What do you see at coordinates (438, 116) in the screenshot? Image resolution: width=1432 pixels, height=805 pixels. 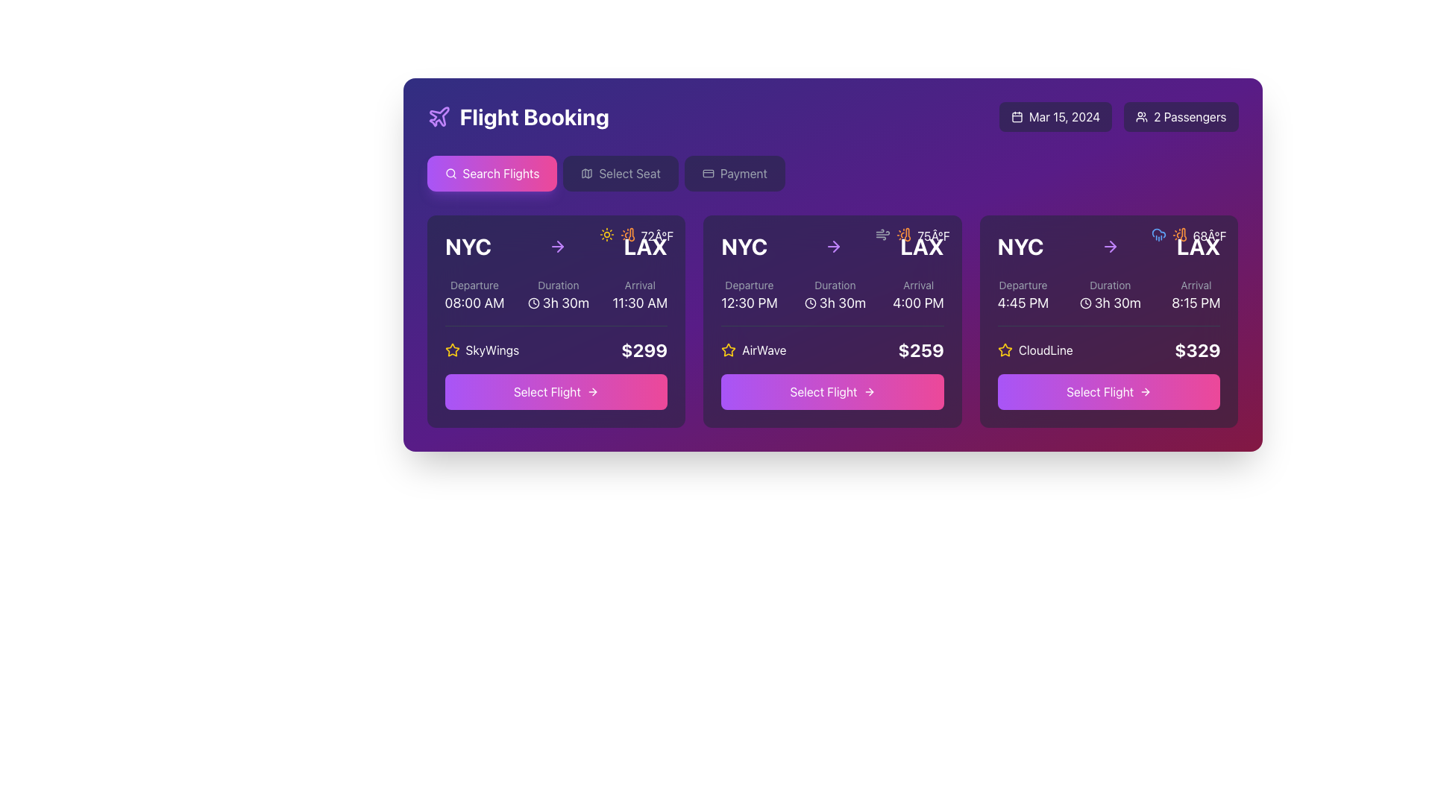 I see `the air travel icon located at the top left of the interface, near the 'Flight Booking' title` at bounding box center [438, 116].